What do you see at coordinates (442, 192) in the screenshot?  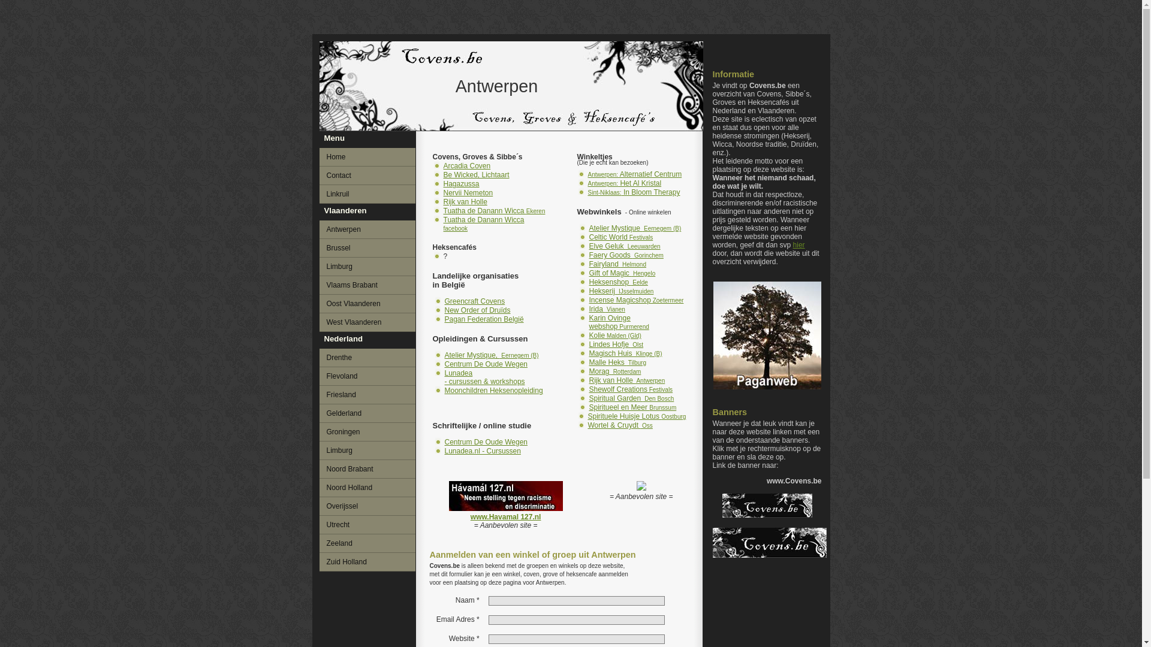 I see `'Nervii Nemeton'` at bounding box center [442, 192].